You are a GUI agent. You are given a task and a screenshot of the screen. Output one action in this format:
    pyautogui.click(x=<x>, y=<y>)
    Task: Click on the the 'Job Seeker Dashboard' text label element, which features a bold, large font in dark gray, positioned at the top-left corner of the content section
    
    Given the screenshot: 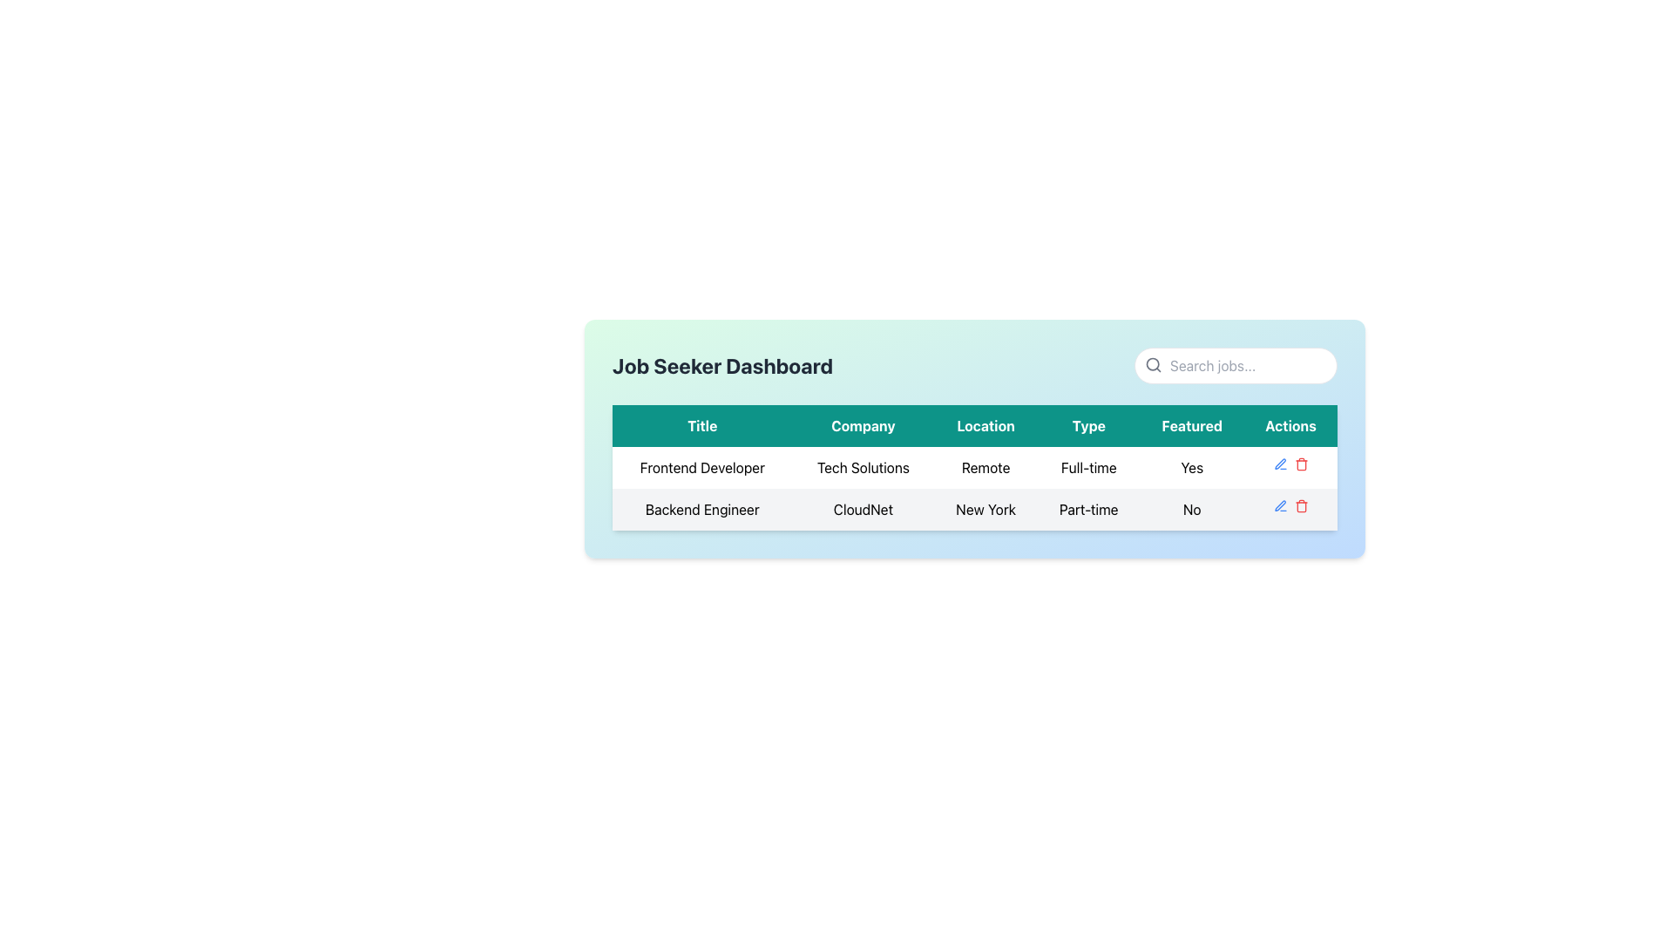 What is the action you would take?
    pyautogui.click(x=722, y=365)
    